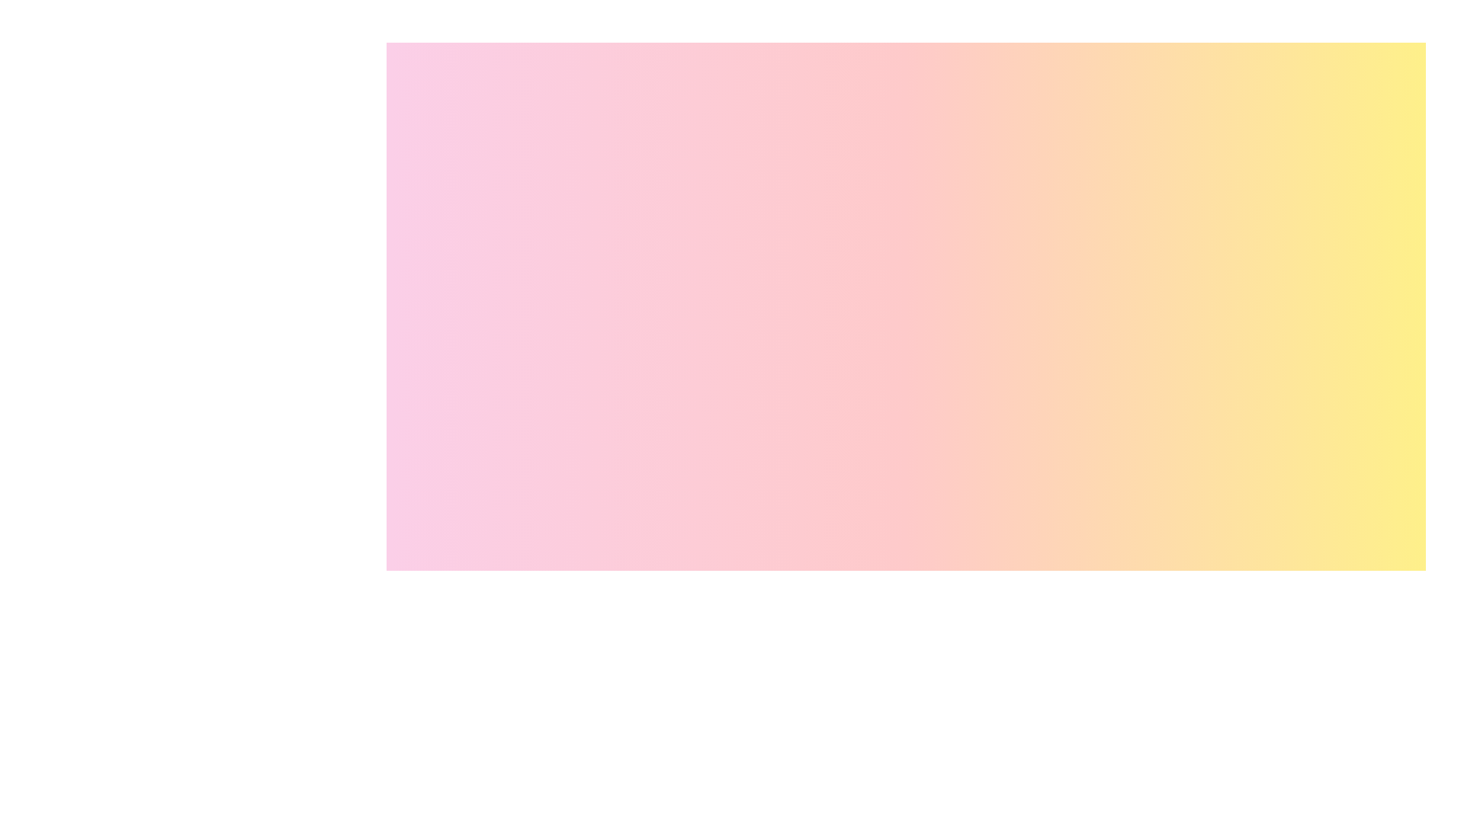 This screenshot has width=1464, height=823. Describe the element at coordinates (906, 453) in the screenshot. I see `the background gradient area to interact with it` at that location.